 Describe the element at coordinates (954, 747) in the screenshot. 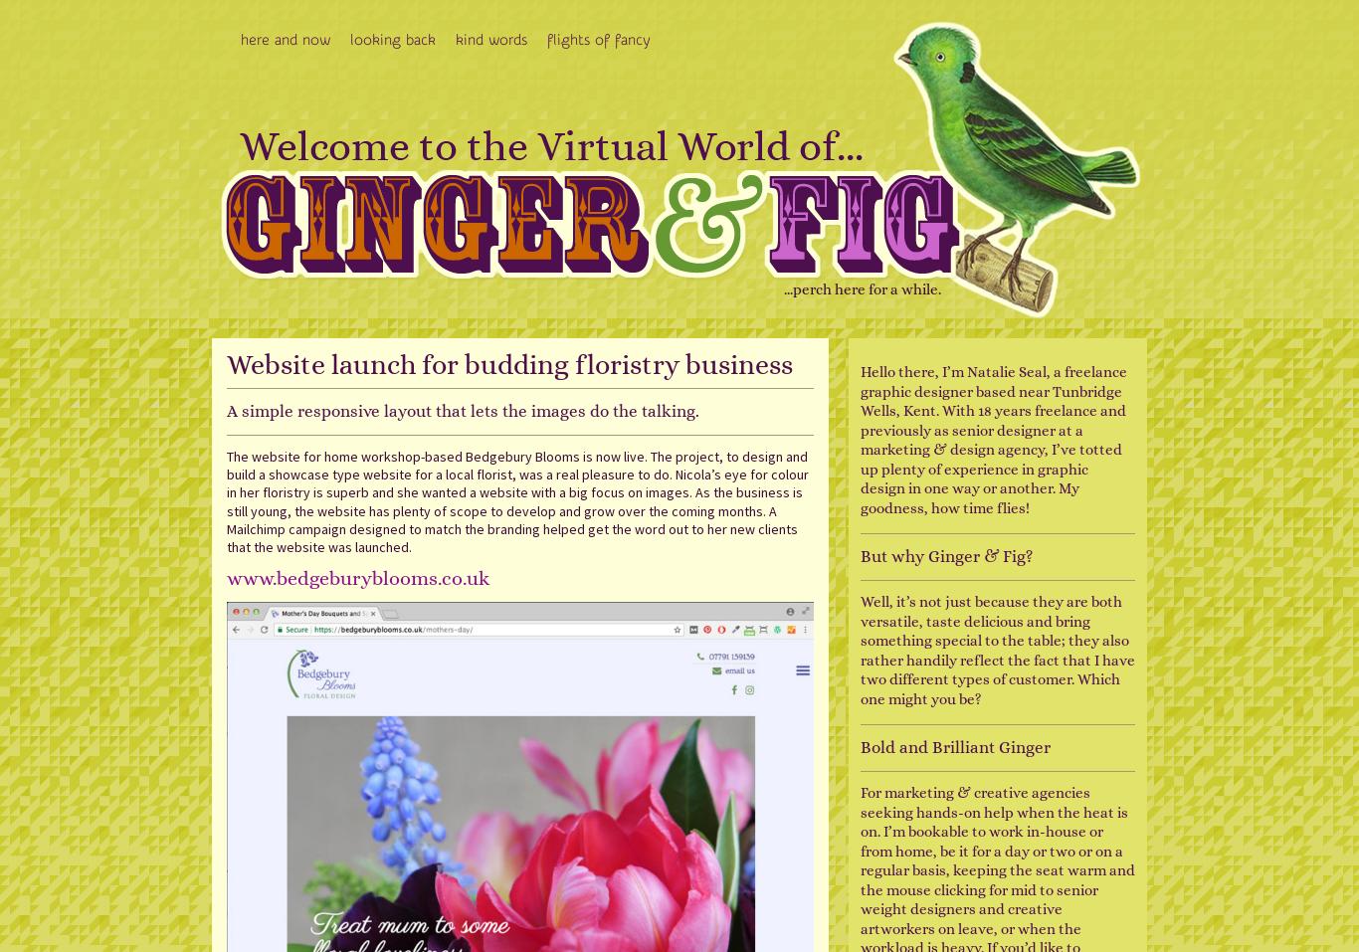

I see `'Bold and Brilliant Ginger'` at that location.